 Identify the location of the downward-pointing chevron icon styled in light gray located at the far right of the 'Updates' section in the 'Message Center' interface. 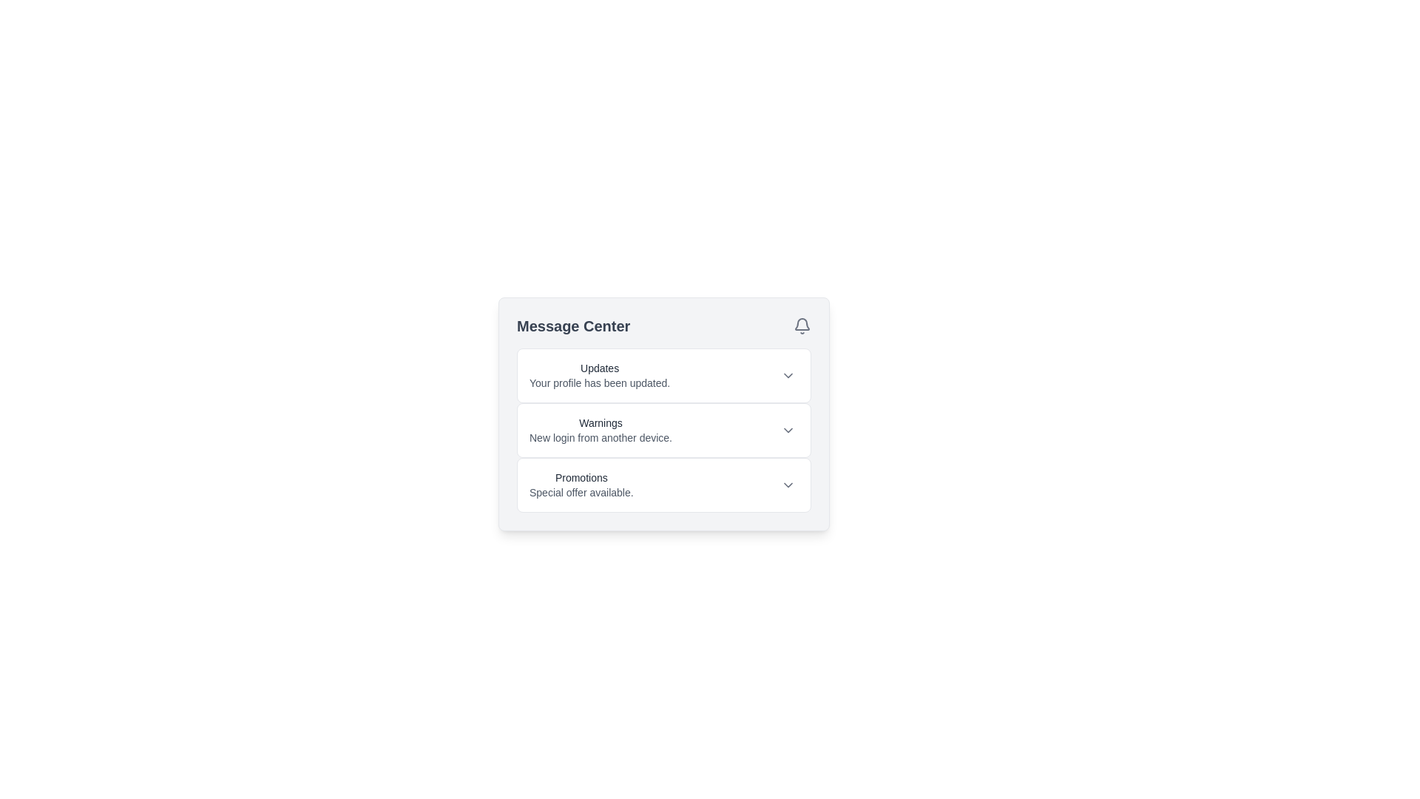
(787, 375).